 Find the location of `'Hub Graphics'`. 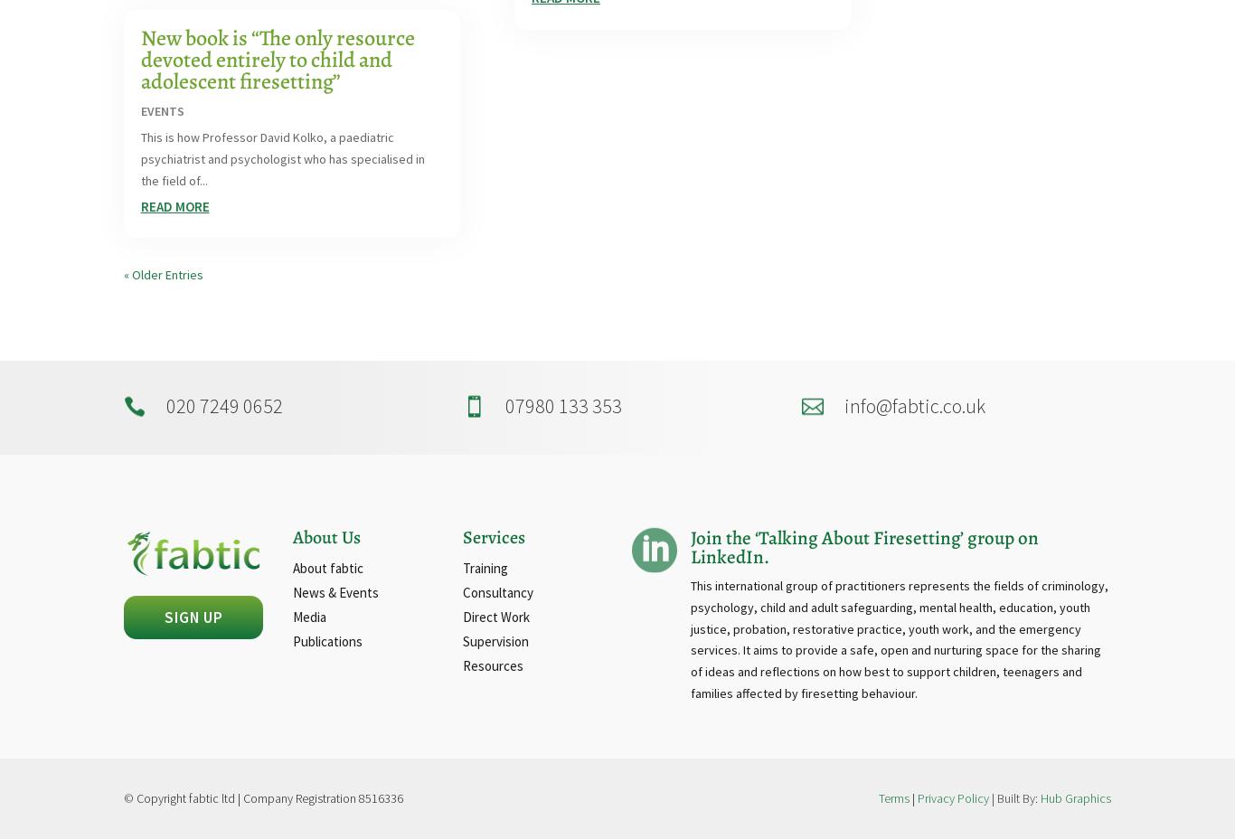

'Hub Graphics' is located at coordinates (1076, 797).